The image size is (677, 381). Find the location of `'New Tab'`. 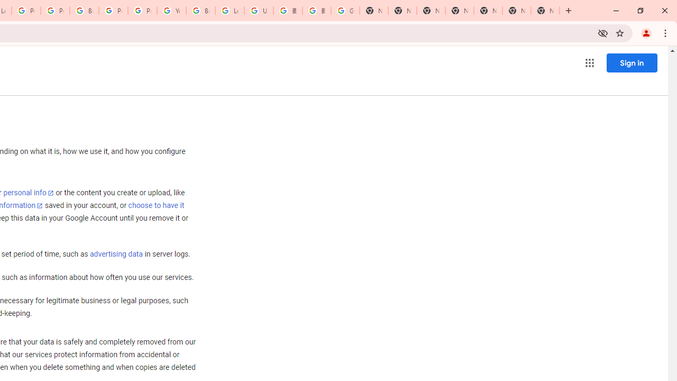

'New Tab' is located at coordinates (545, 11).